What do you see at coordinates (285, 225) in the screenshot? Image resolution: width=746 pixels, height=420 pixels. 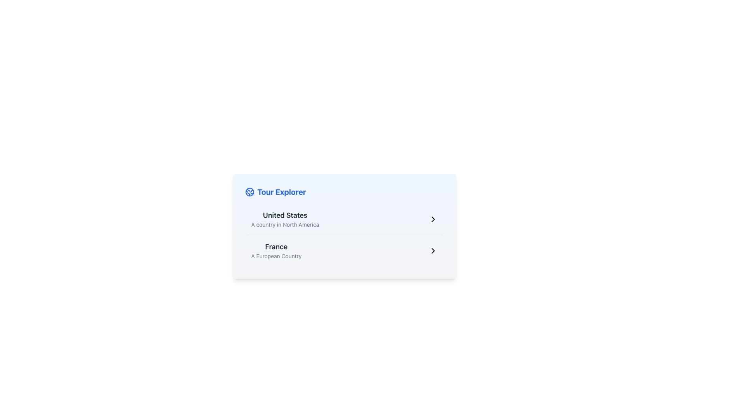 I see `text label stating 'A country in North America', which is located below the heading 'United States' in the main content area` at bounding box center [285, 225].